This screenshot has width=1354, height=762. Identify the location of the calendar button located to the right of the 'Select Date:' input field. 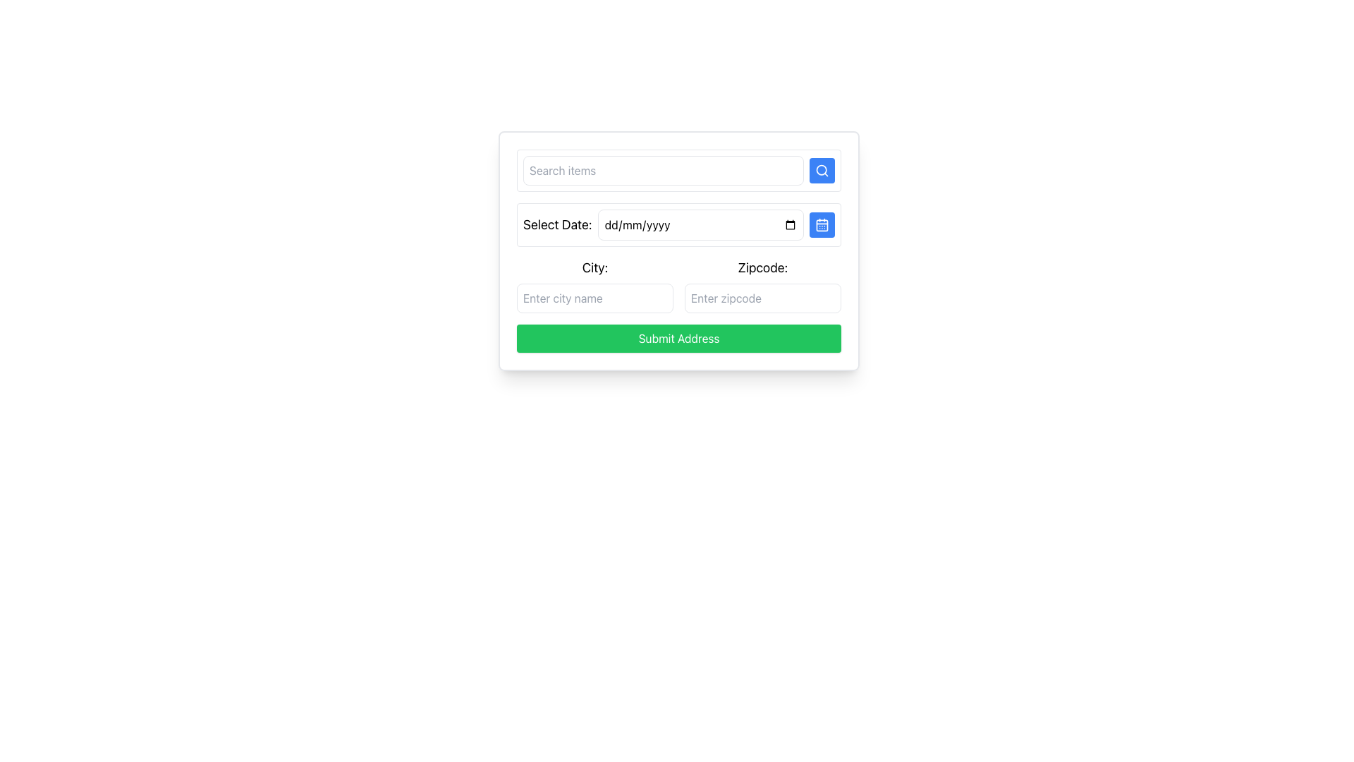
(822, 224).